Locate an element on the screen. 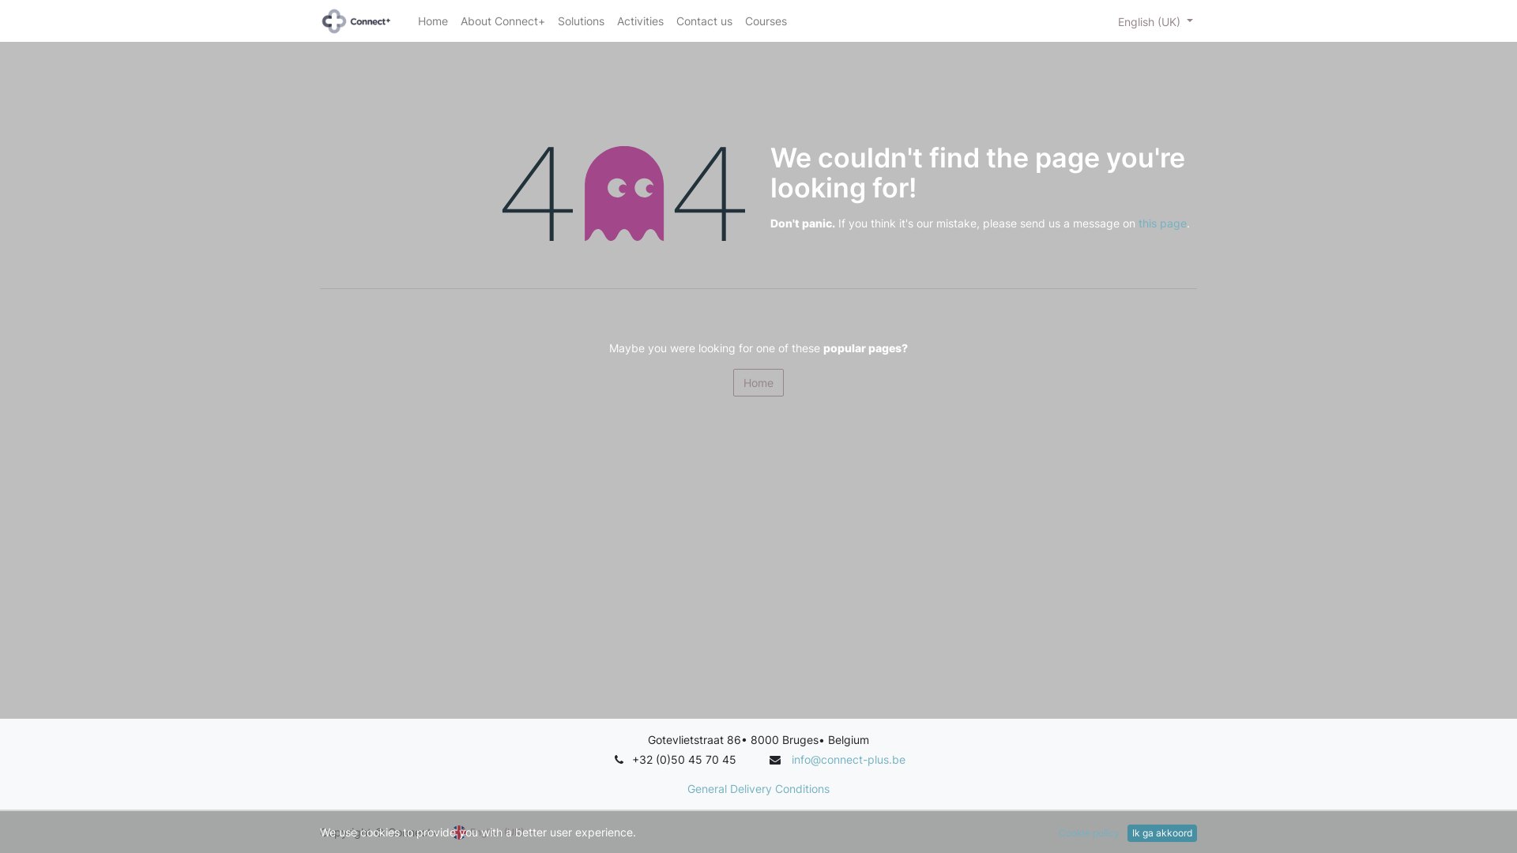 Image resolution: width=1517 pixels, height=853 pixels. 'Ik ga akkoord' is located at coordinates (1161, 832).